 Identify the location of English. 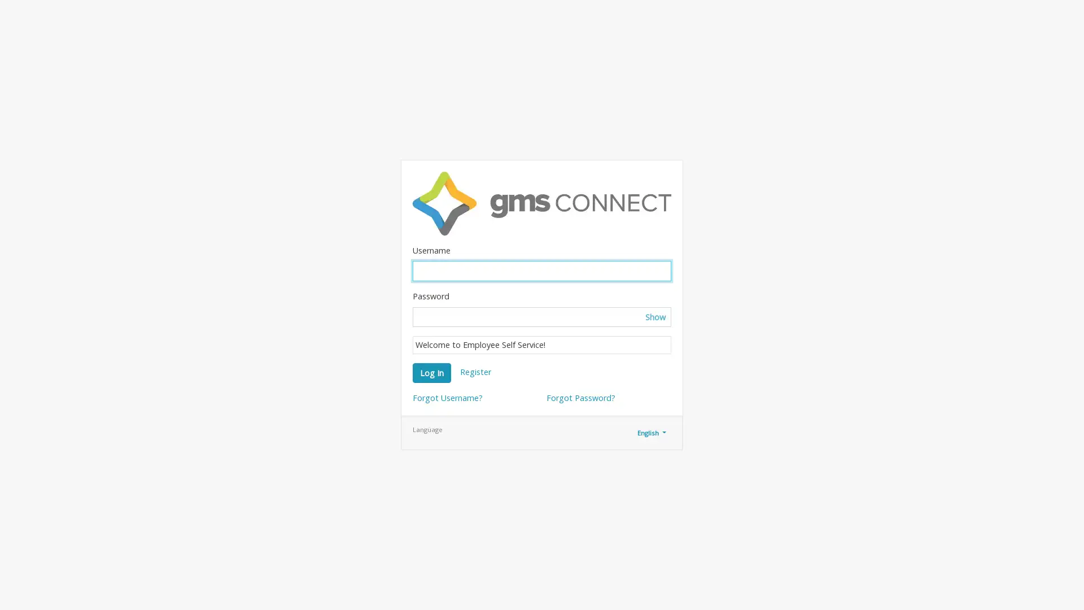
(652, 432).